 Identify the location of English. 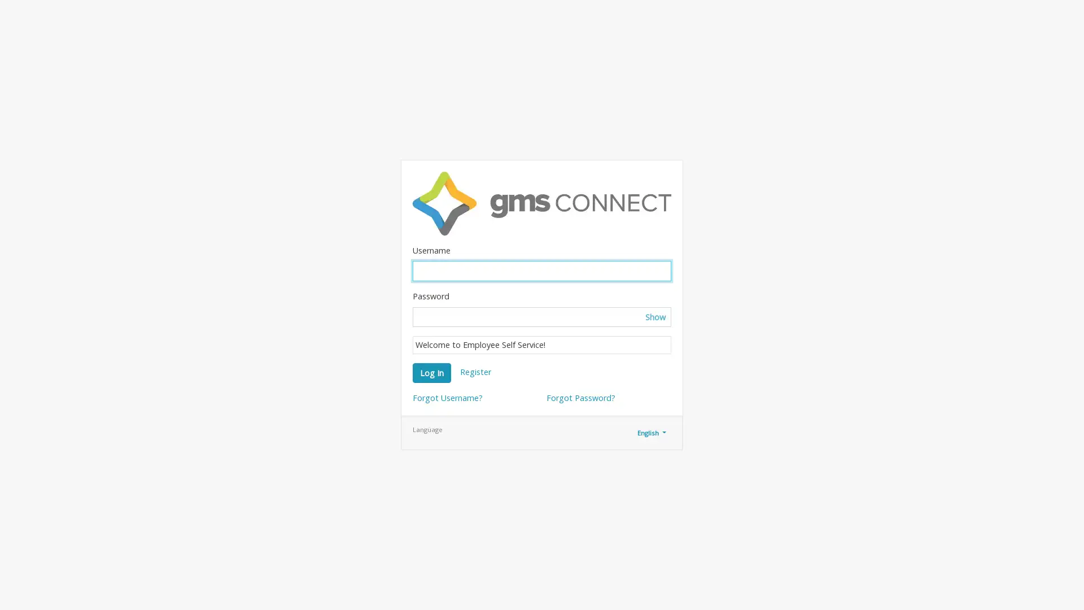
(652, 432).